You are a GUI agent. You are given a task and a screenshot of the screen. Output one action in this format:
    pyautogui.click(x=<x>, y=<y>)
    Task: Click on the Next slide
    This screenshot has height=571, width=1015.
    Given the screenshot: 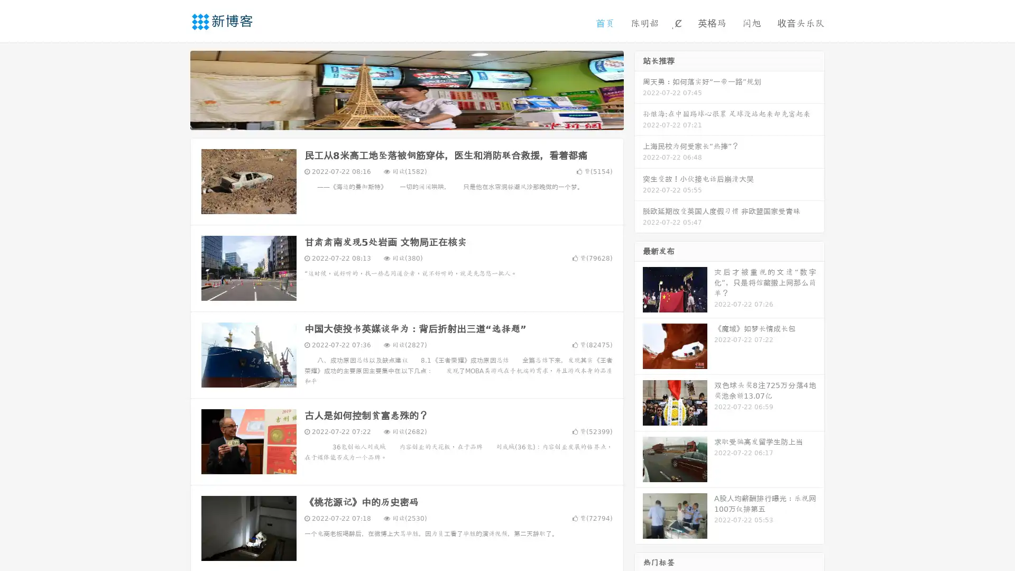 What is the action you would take?
    pyautogui.click(x=639, y=89)
    